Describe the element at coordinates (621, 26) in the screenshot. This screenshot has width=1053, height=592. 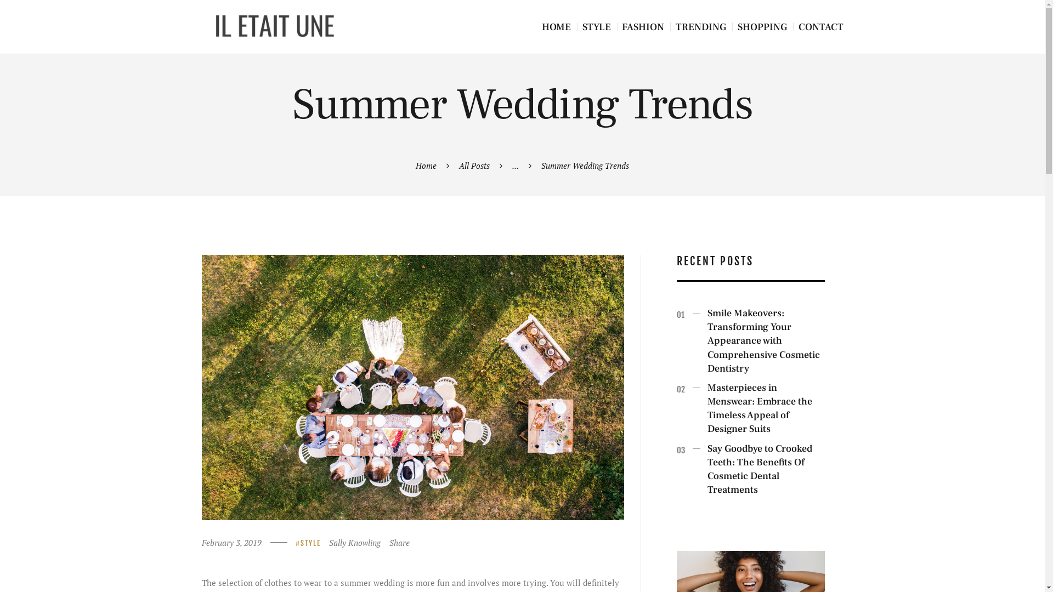
I see `'FASHION'` at that location.